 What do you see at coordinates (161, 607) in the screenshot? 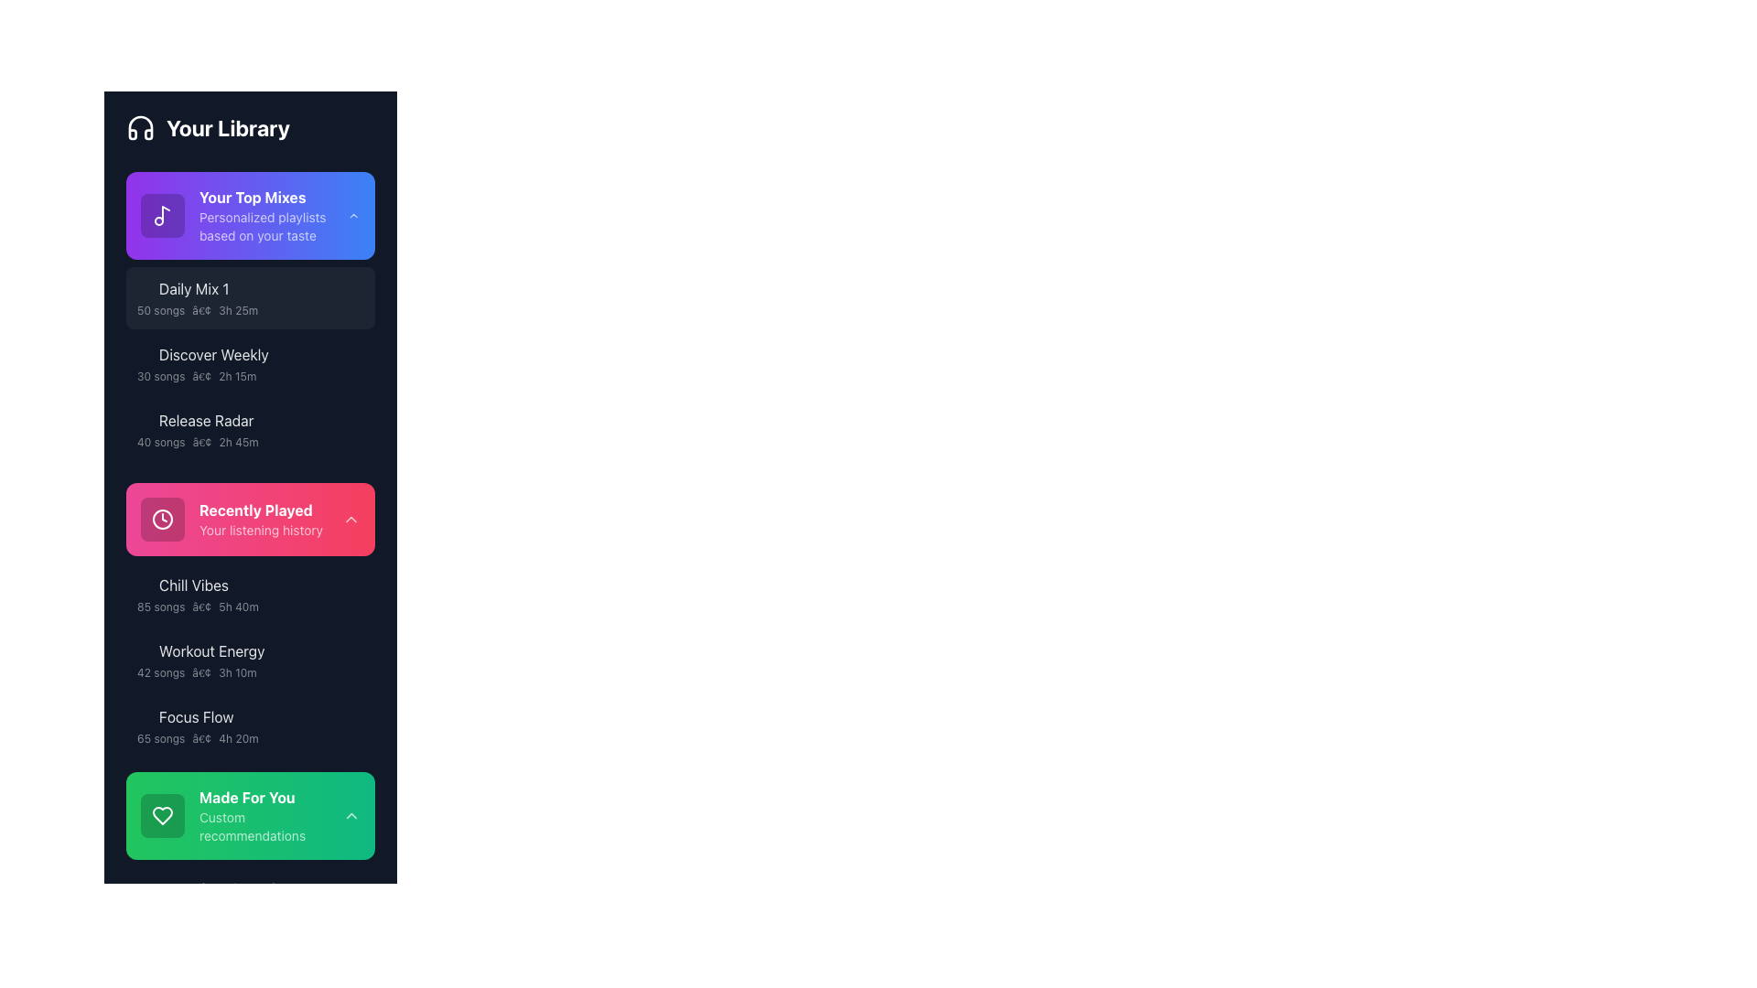
I see `the text label that displays '85 songs', located under the 'Chill Vibes' section and preceding the text '5h 40m'` at bounding box center [161, 607].